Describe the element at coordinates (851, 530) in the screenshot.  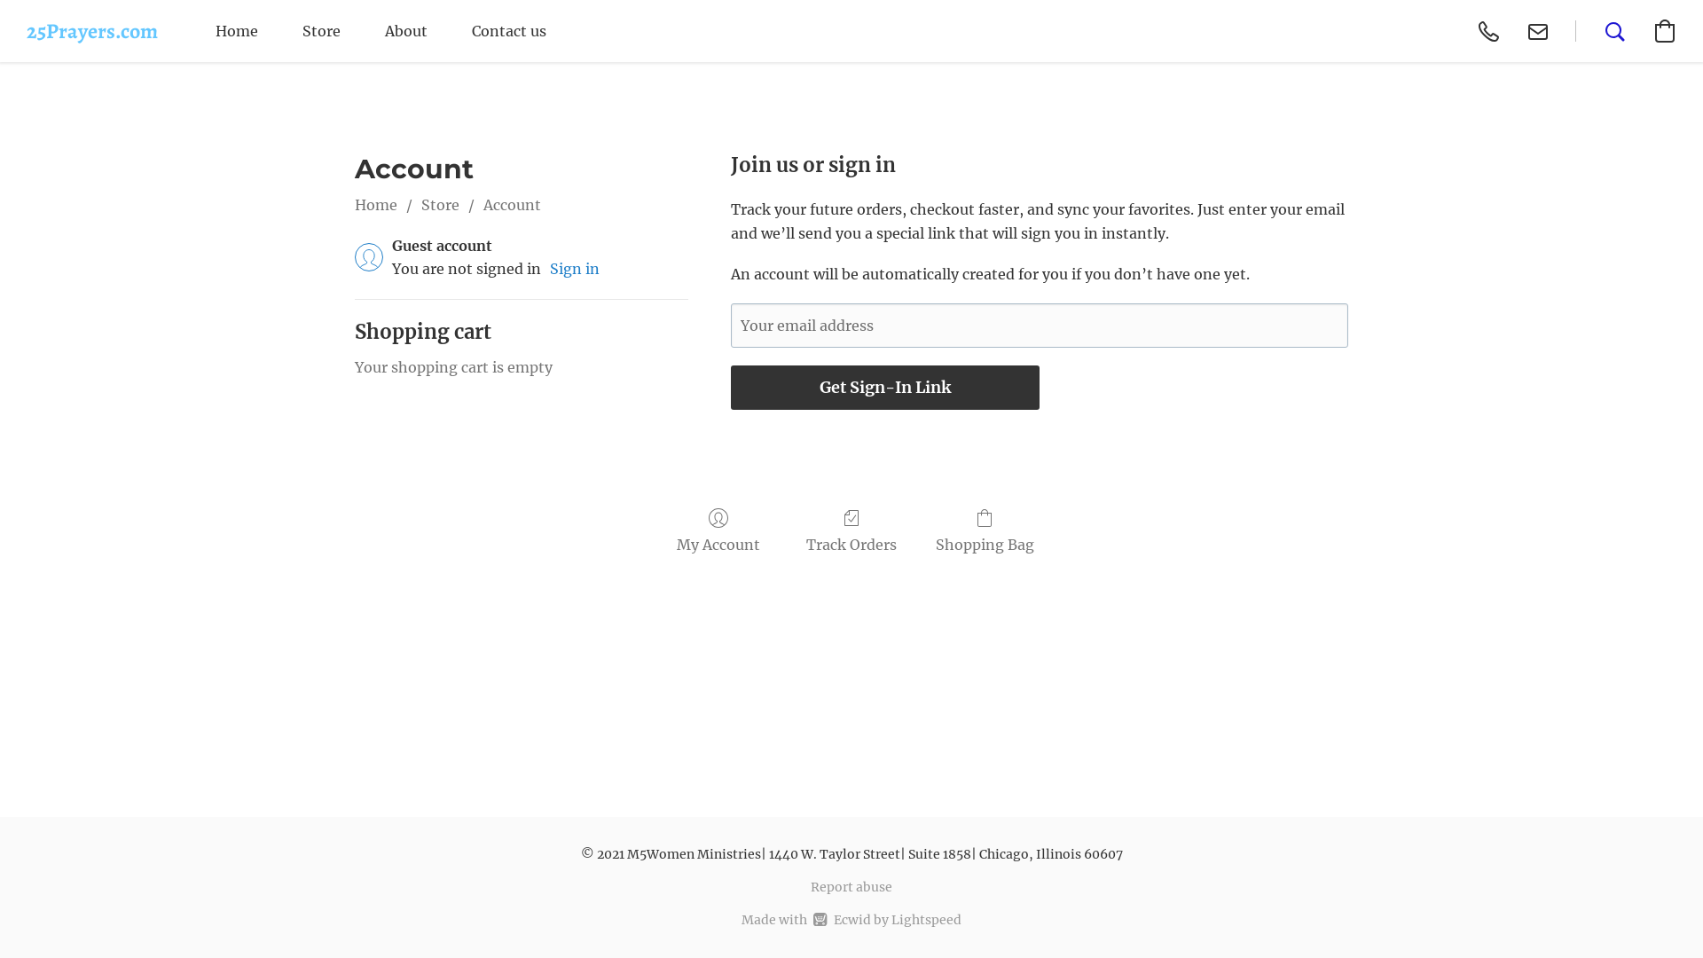
I see `'Track Orders'` at that location.